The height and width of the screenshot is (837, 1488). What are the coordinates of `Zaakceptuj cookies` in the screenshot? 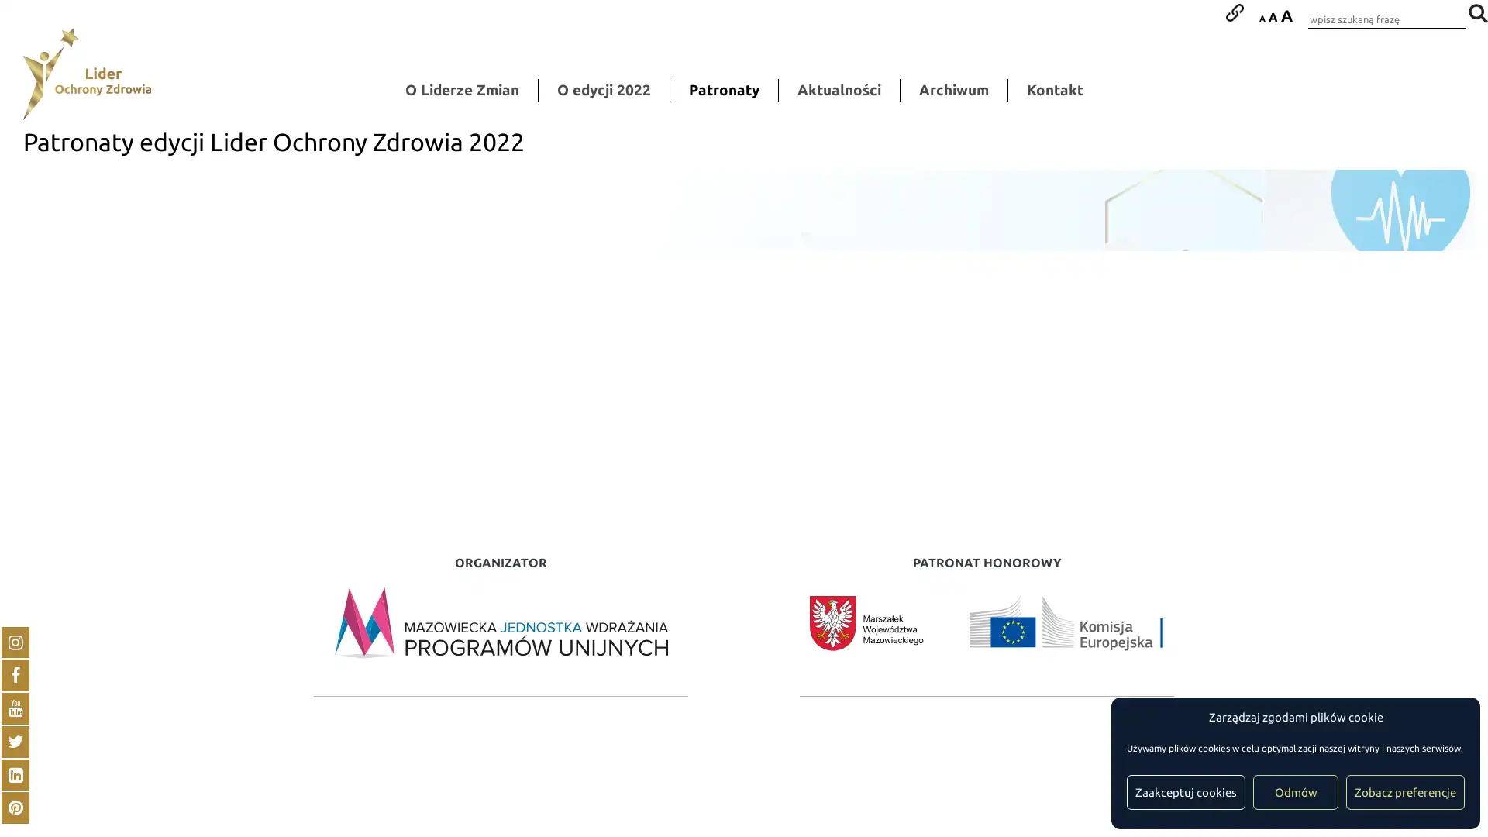 It's located at (1185, 792).